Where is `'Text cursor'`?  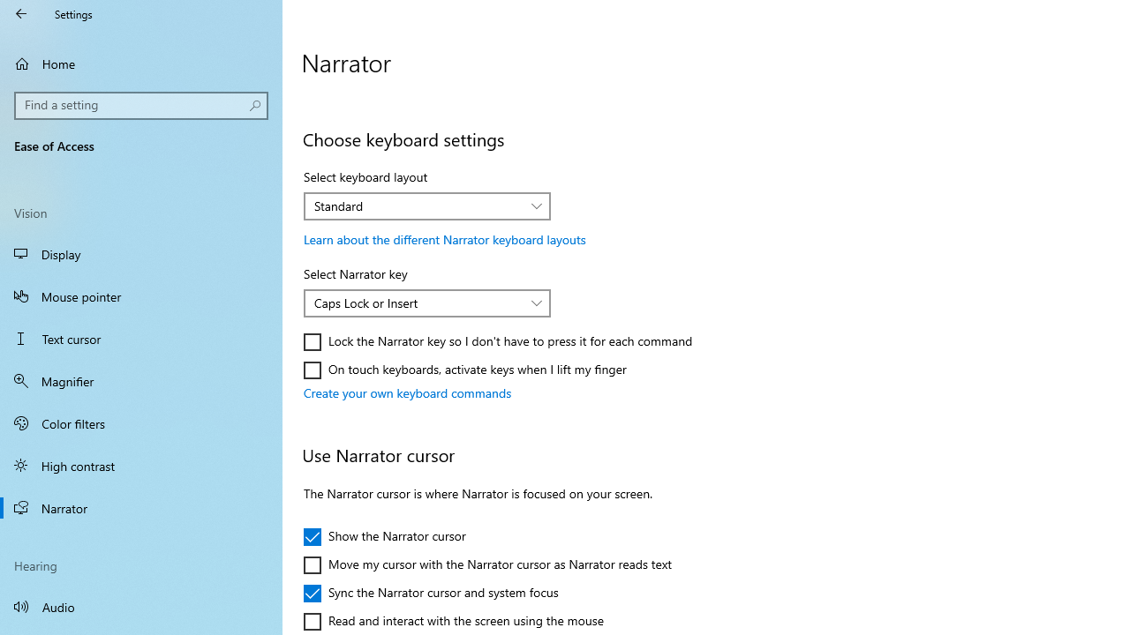 'Text cursor' is located at coordinates (141, 339).